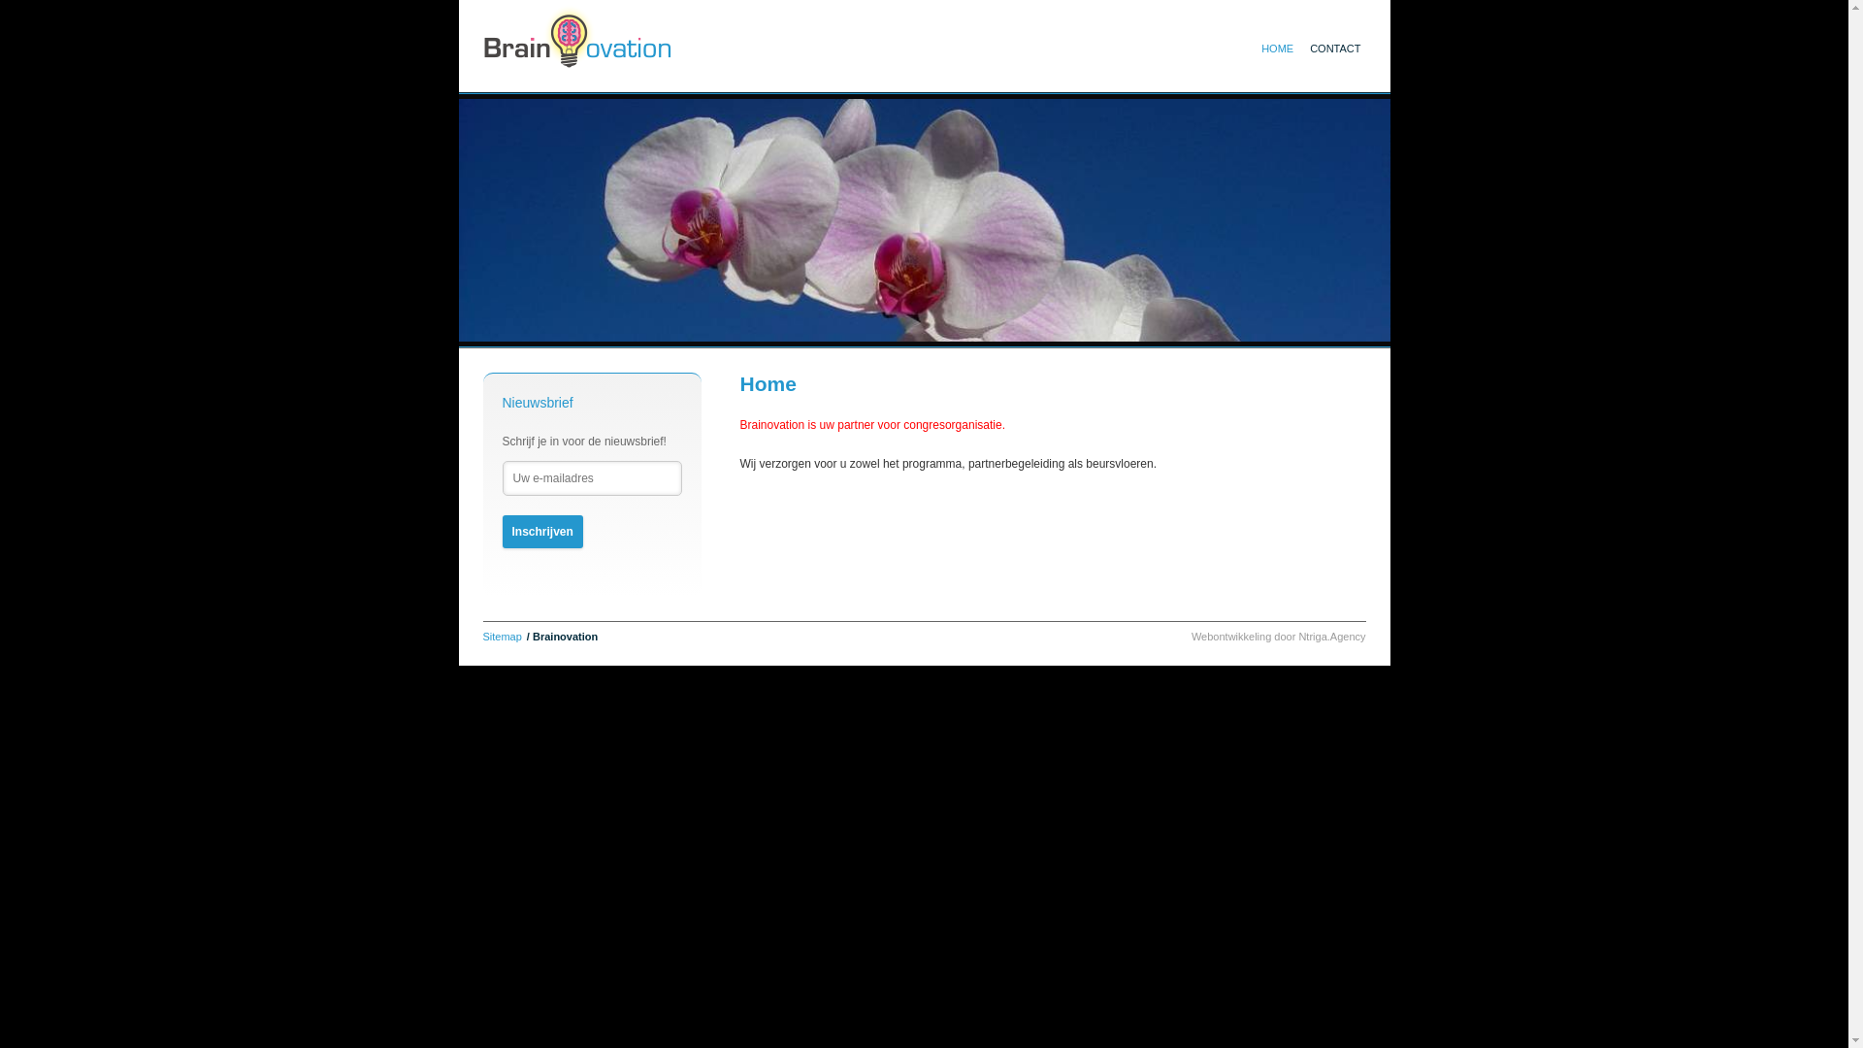 This screenshot has height=1048, width=1863. I want to click on 'HOME', so click(1274, 48).